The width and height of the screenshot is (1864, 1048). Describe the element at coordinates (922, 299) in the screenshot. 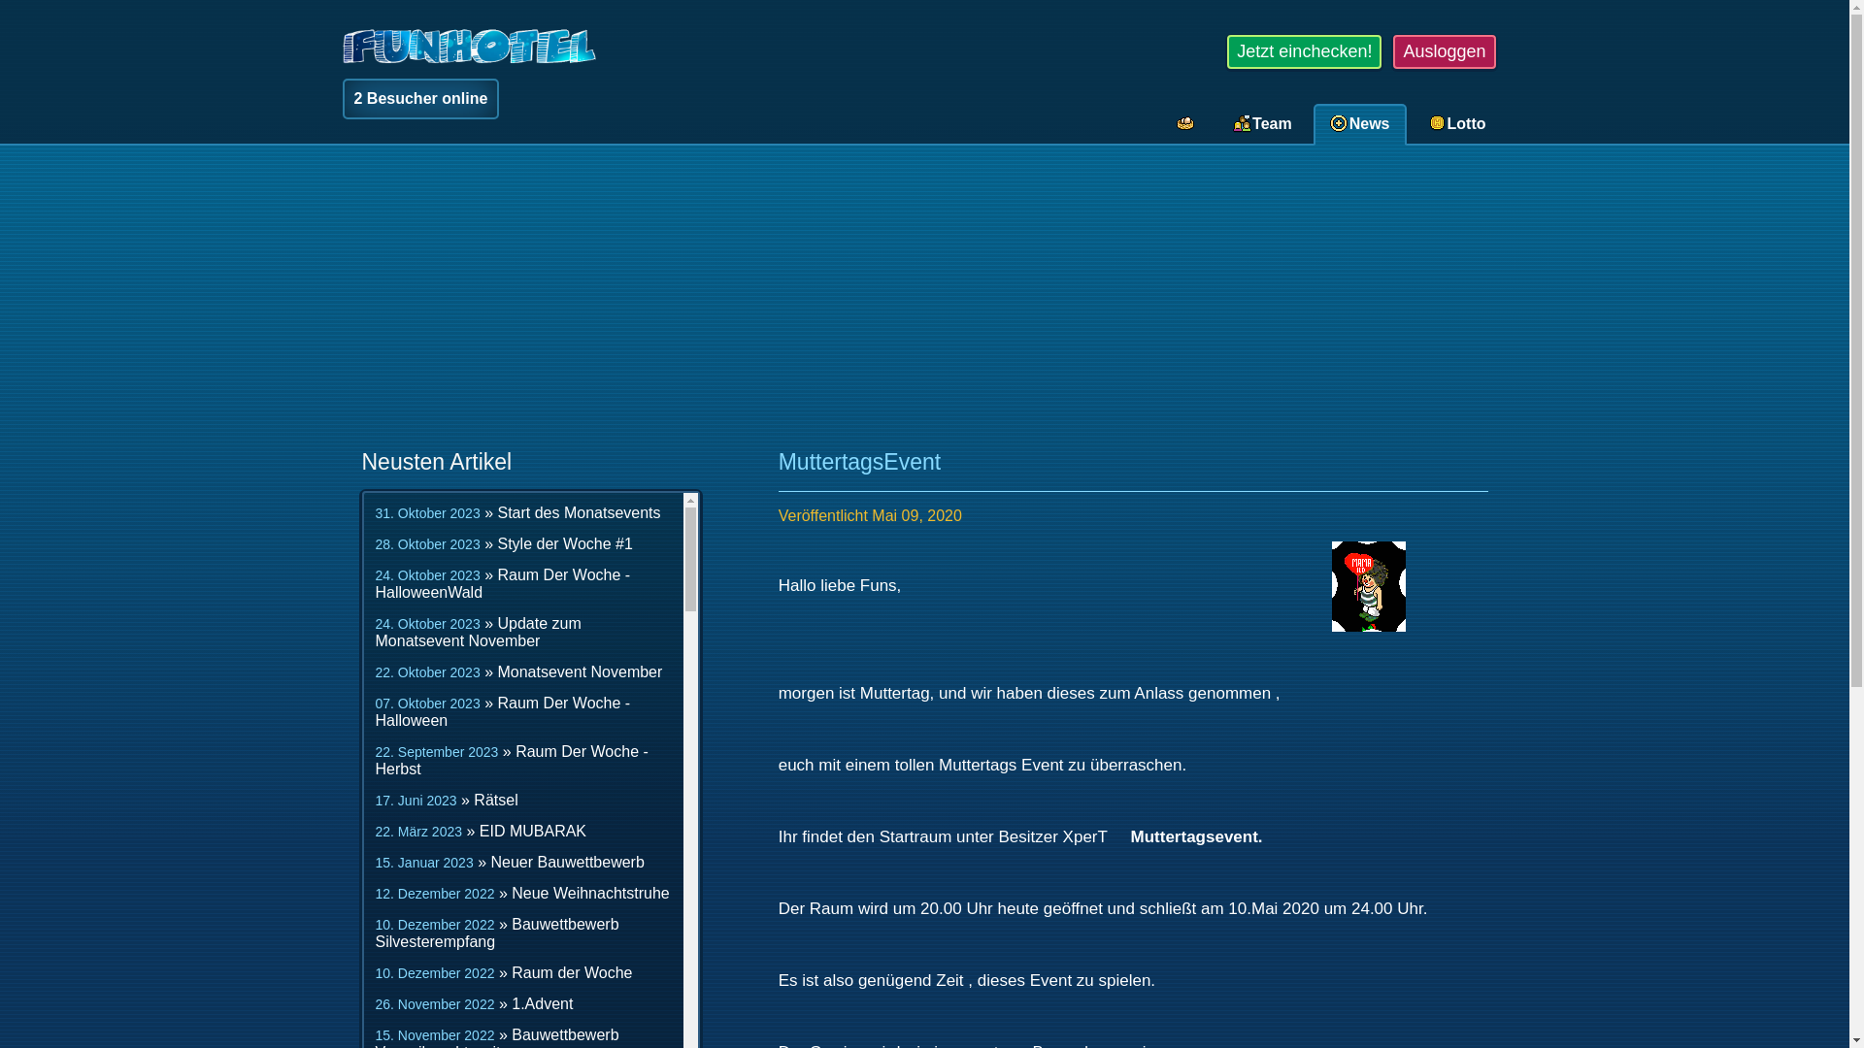

I see `'Advertisement'` at that location.